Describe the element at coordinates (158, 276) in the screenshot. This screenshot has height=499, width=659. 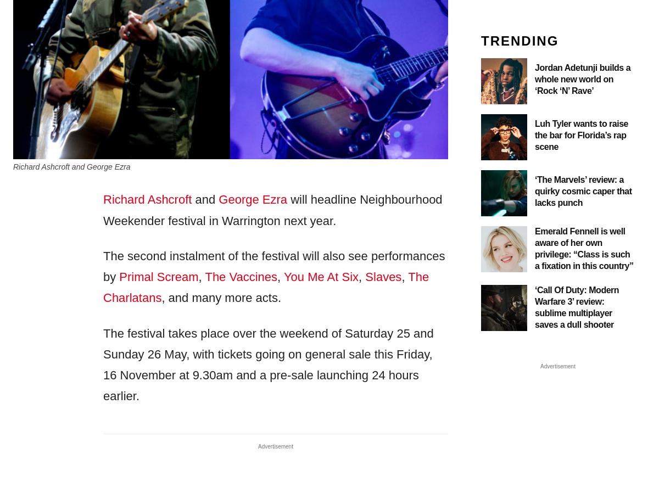
I see `'Primal Scream'` at that location.